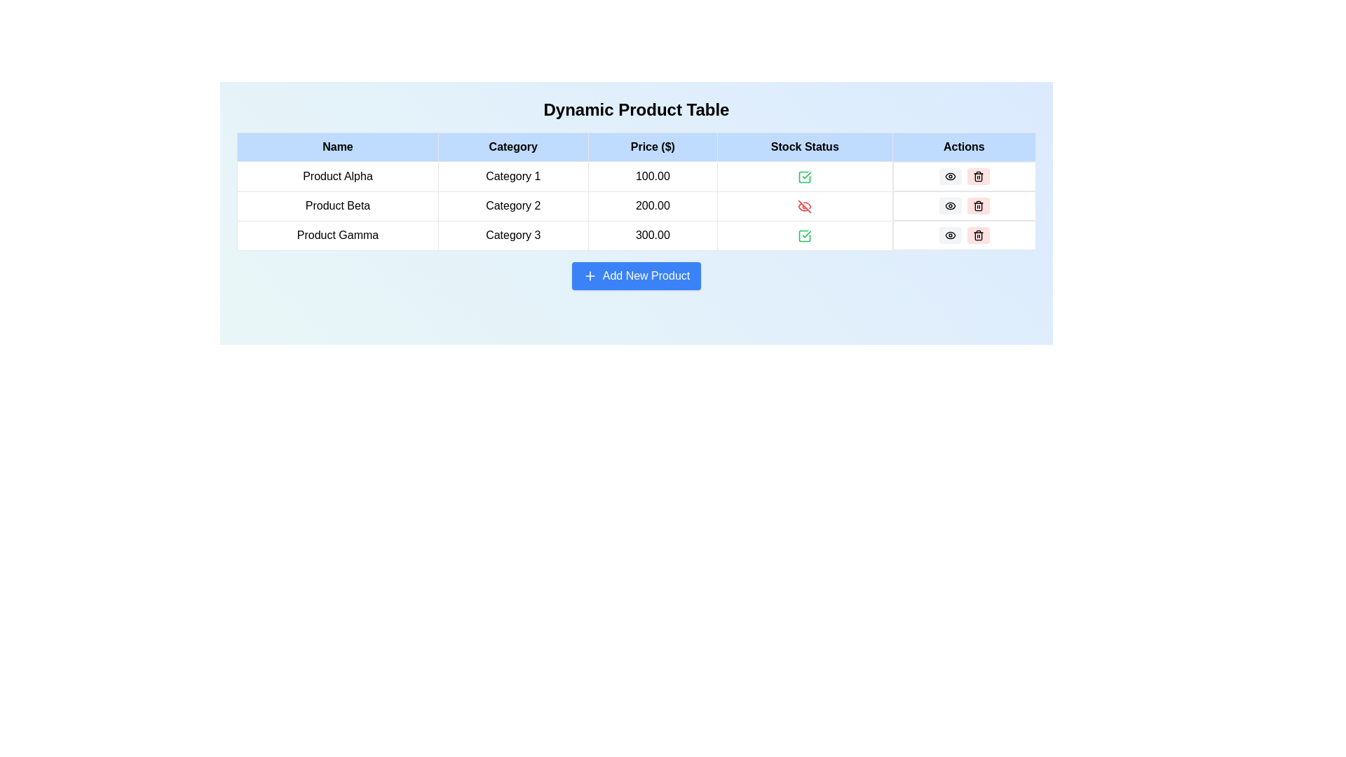 This screenshot has height=757, width=1346. I want to click on the Table Cell displaying the price of 'Product Gamma' in the data table, located in the 'Price' column of the third row, so click(652, 234).